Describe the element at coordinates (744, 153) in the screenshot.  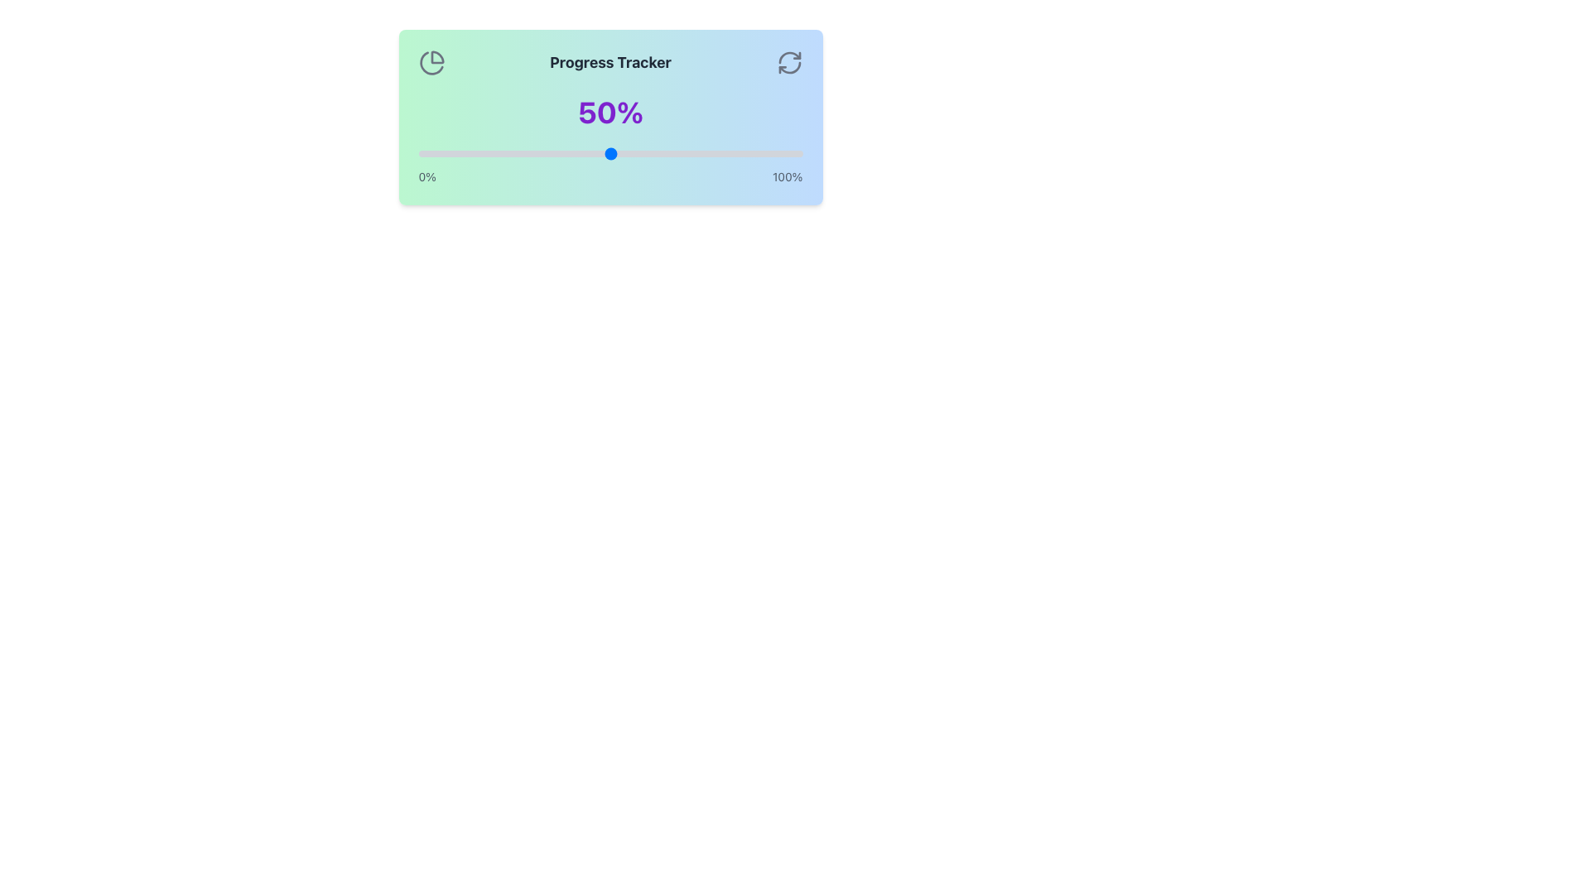
I see `the progress tracker value` at that location.